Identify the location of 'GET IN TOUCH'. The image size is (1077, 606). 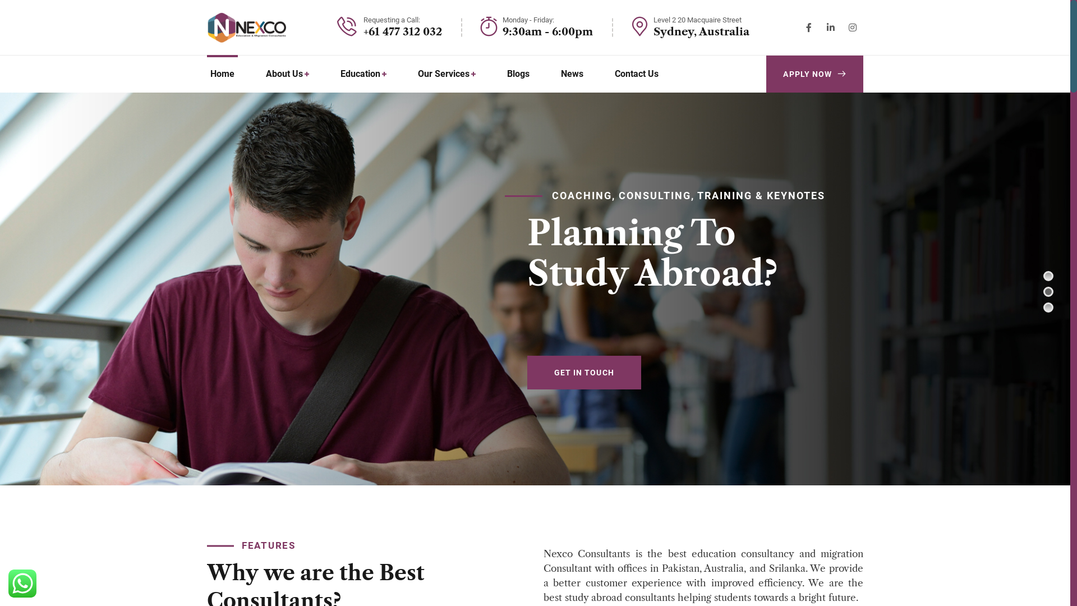
(600, 392).